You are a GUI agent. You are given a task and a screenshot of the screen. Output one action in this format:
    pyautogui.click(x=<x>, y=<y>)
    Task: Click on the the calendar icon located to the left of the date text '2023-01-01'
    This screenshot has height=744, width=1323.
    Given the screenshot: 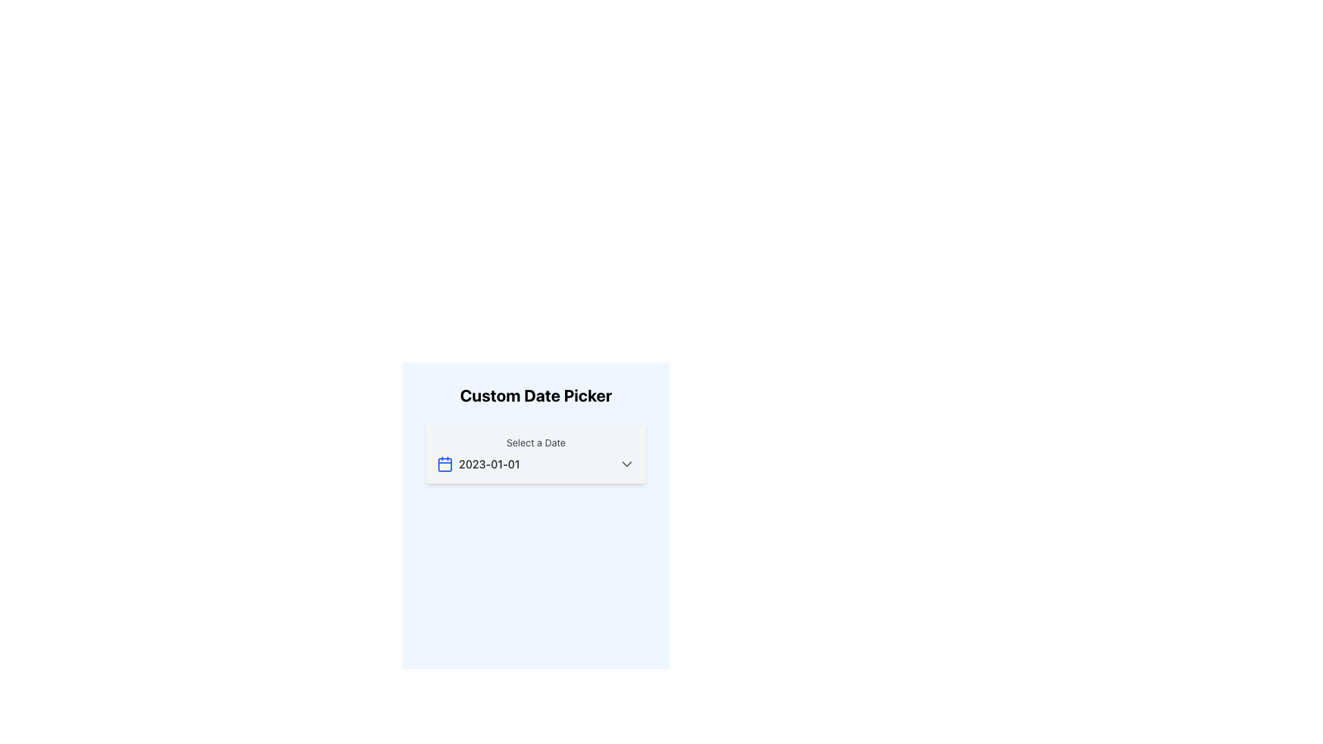 What is the action you would take?
    pyautogui.click(x=445, y=464)
    